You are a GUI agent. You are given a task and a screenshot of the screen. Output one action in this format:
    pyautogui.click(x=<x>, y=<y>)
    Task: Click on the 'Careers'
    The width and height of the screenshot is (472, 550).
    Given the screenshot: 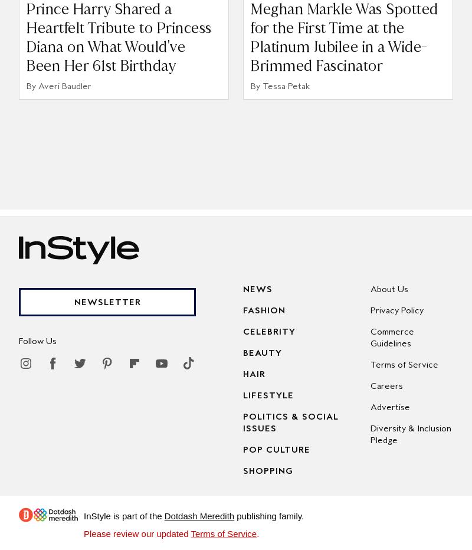 What is the action you would take?
    pyautogui.click(x=385, y=385)
    